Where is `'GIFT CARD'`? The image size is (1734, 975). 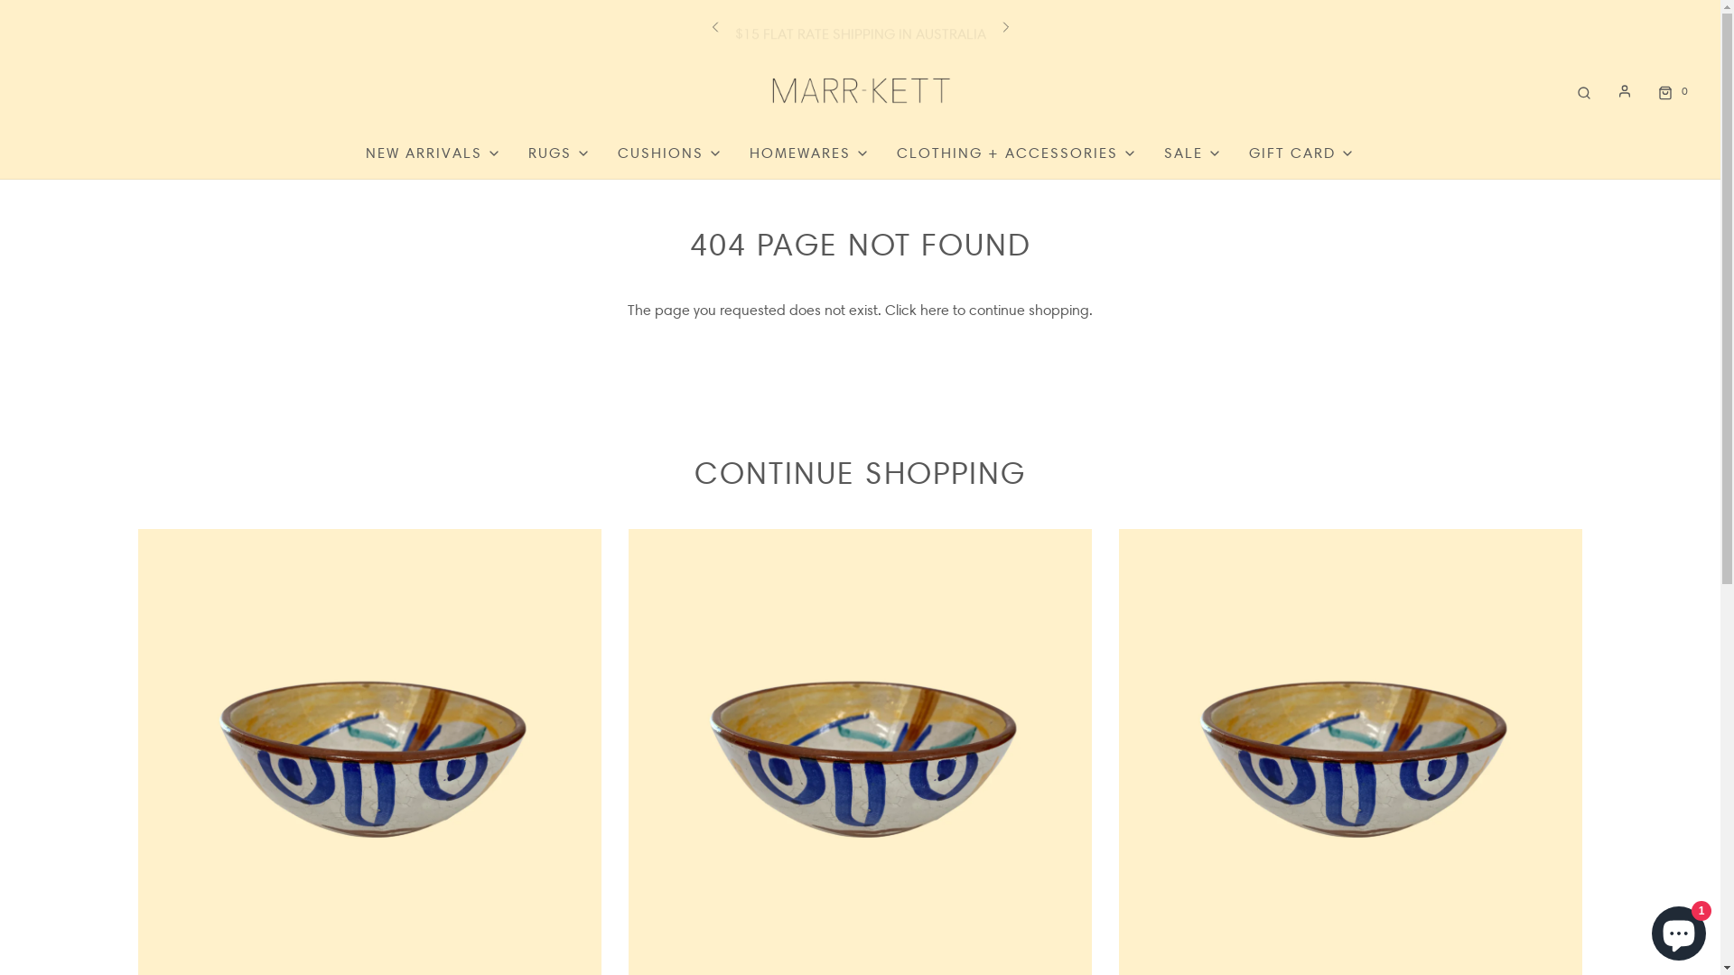
'GIFT CARD' is located at coordinates (1301, 152).